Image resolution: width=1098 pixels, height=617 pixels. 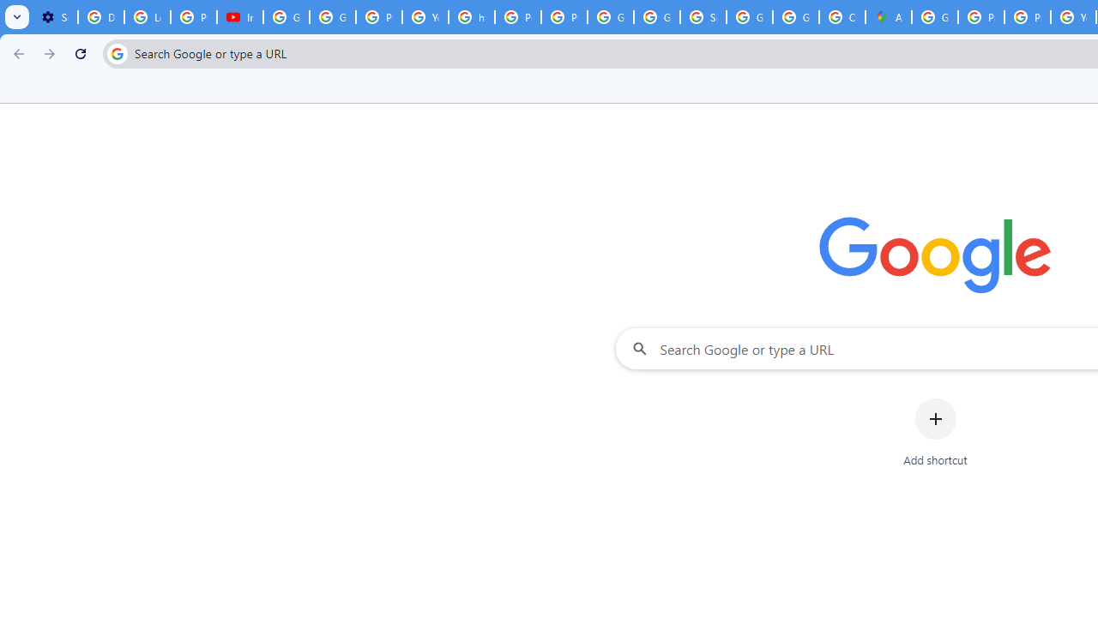 What do you see at coordinates (981, 17) in the screenshot?
I see `'Privacy Help Center - Policies Help'` at bounding box center [981, 17].